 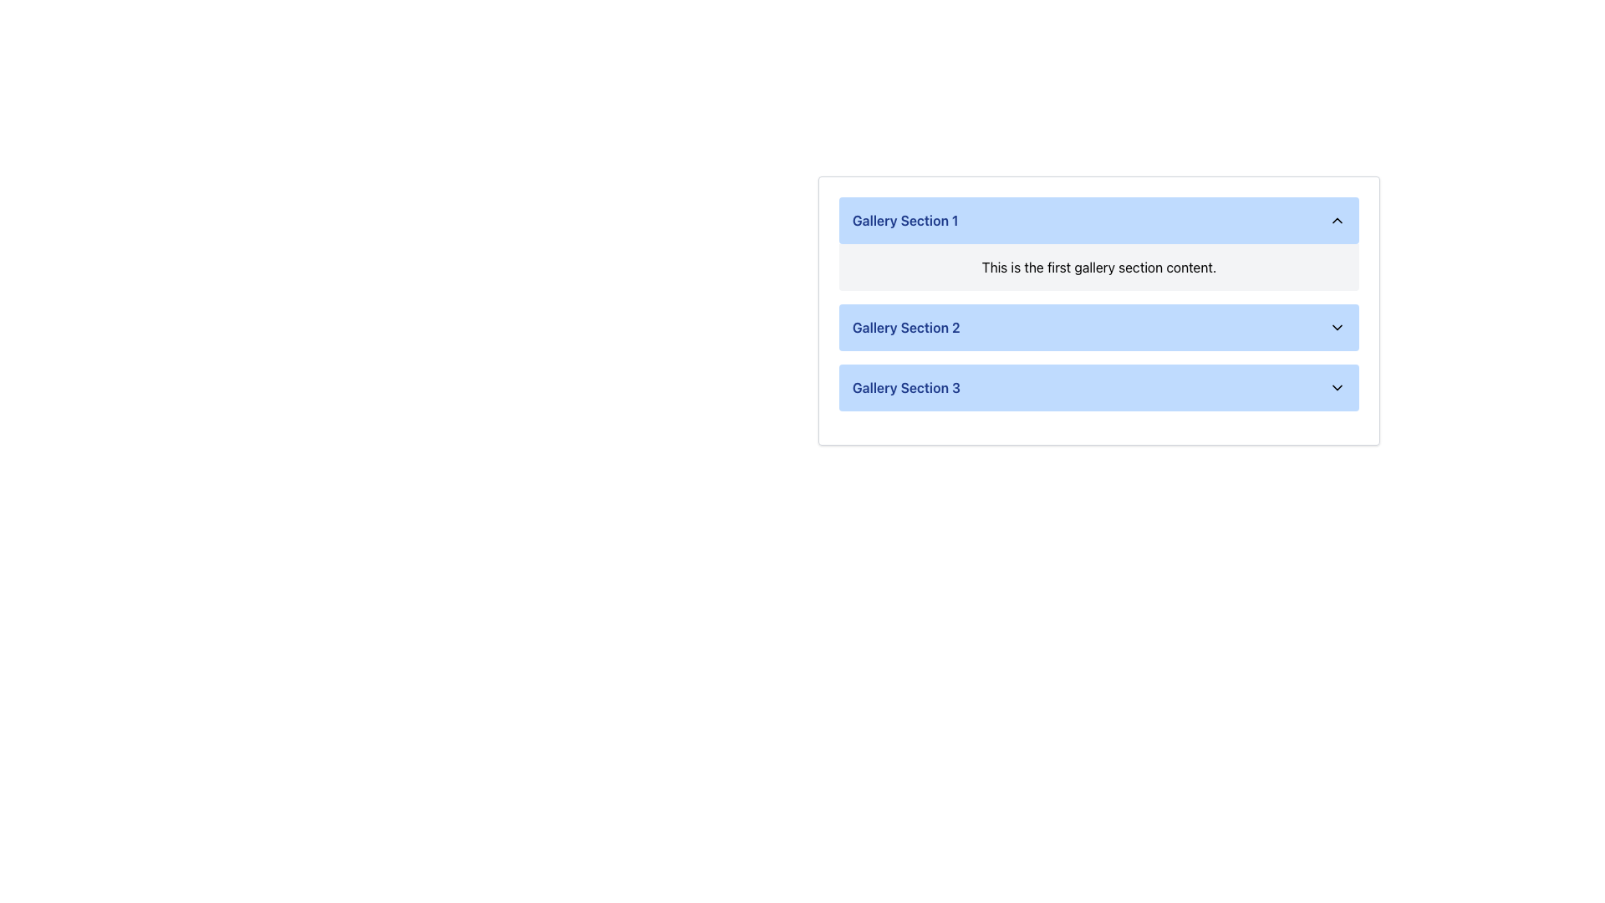 What do you see at coordinates (1336, 387) in the screenshot?
I see `the Dropdown indicator icon located at the far-right of the 'Gallery Section 3'` at bounding box center [1336, 387].